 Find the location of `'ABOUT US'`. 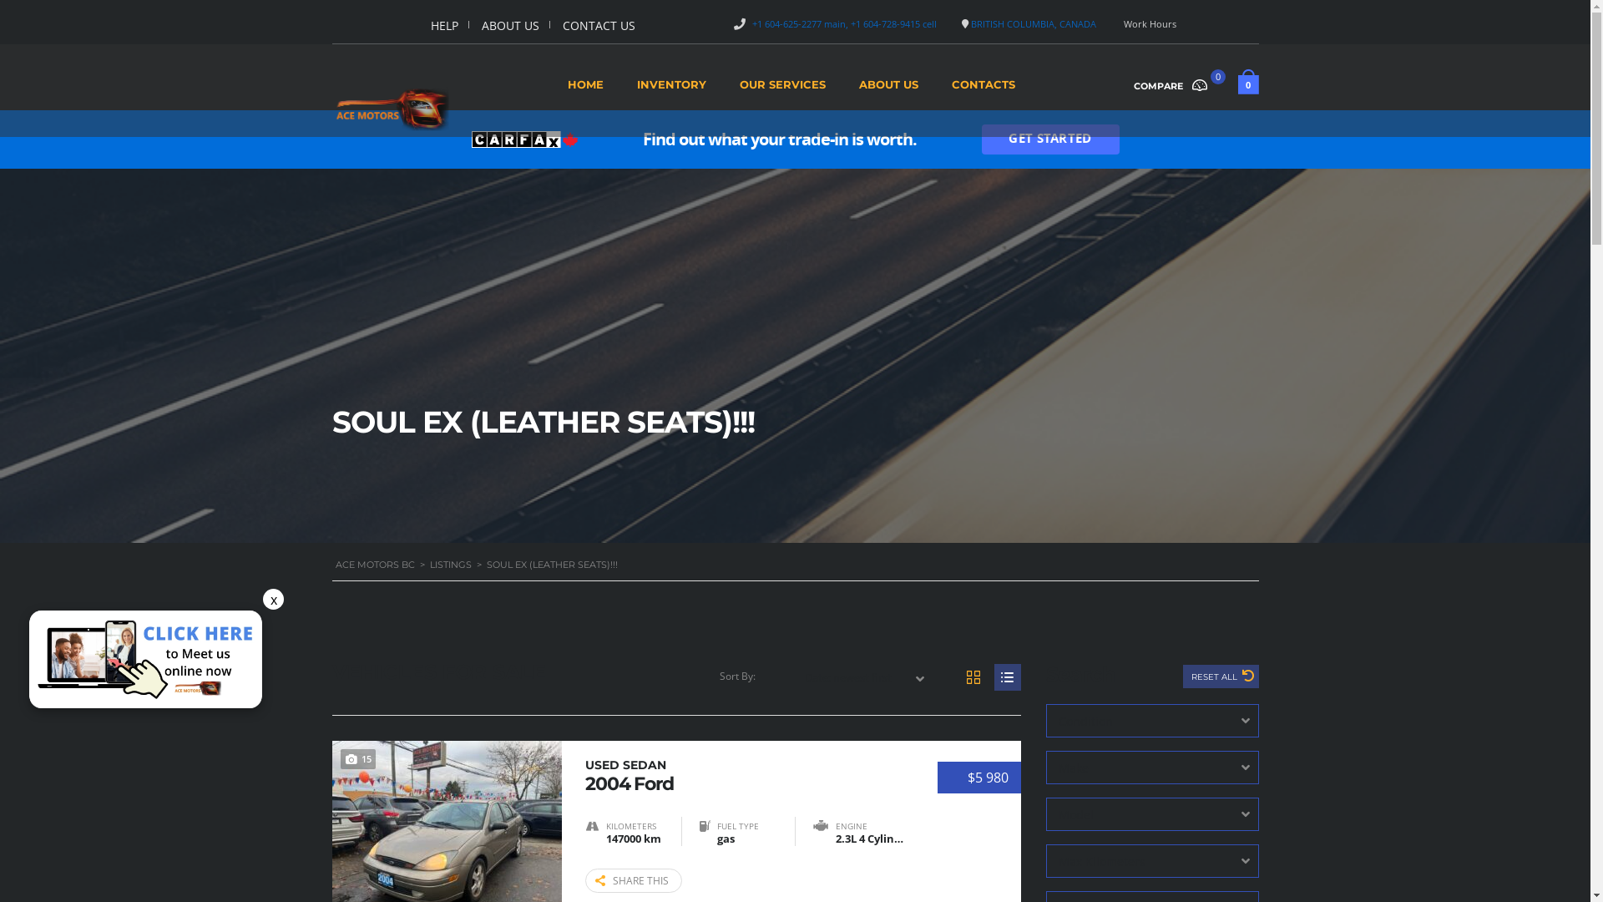

'ABOUT US' is located at coordinates (509, 25).